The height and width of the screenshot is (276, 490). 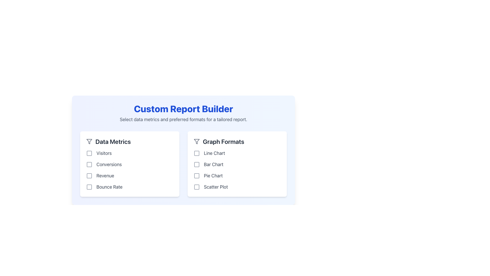 What do you see at coordinates (89, 175) in the screenshot?
I see `the checkbox indicator located next to the 'Revenue' text, which is the third checkbox item under 'Data Metrics' in the left column` at bounding box center [89, 175].